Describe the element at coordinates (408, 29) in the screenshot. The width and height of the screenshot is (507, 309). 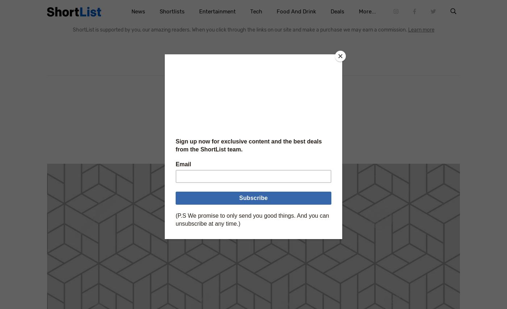
I see `'Learn more'` at that location.